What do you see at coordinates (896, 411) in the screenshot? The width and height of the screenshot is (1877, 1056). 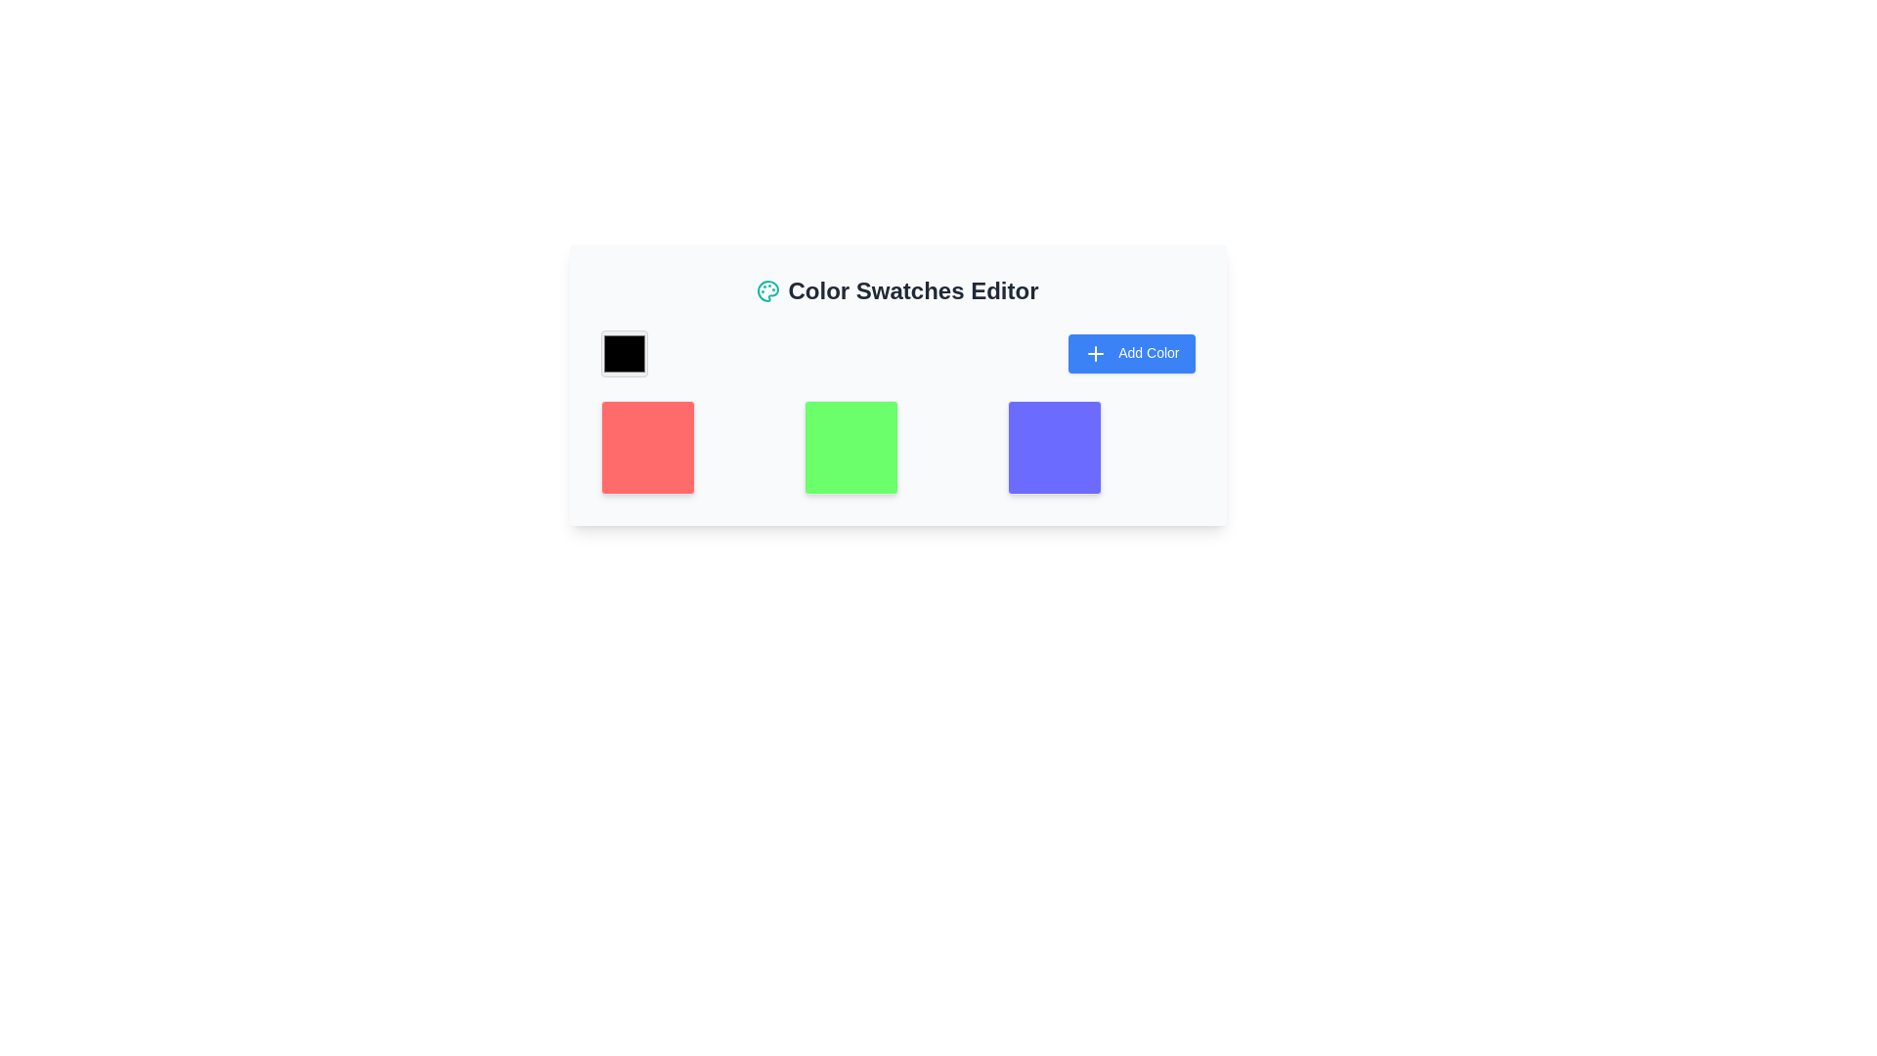 I see `the interactive color swatch located between the red square on the left and the blue square on the right` at bounding box center [896, 411].